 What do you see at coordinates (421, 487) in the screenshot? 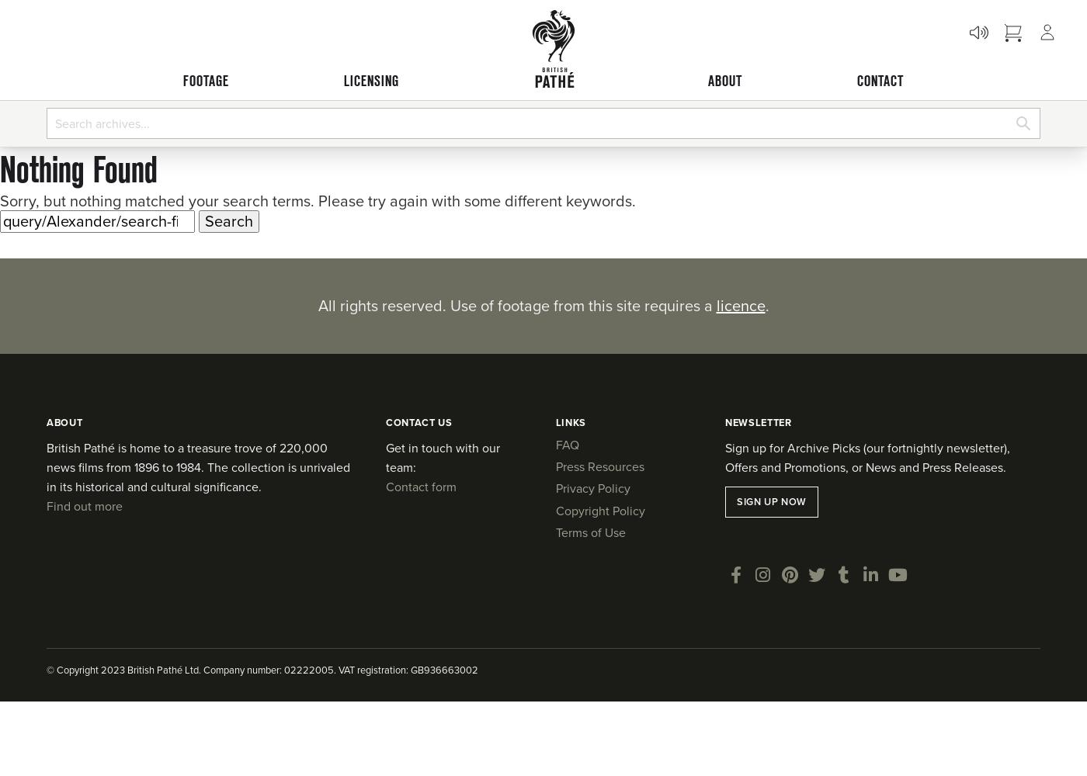
I see `'Contact form'` at bounding box center [421, 487].